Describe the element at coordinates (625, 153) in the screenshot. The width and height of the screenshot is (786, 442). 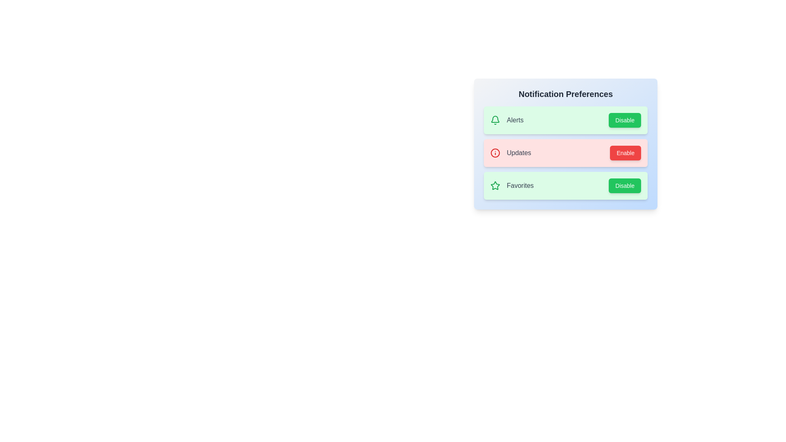
I see `'Enable' button for 'Updates' to toggle its notification preference` at that location.